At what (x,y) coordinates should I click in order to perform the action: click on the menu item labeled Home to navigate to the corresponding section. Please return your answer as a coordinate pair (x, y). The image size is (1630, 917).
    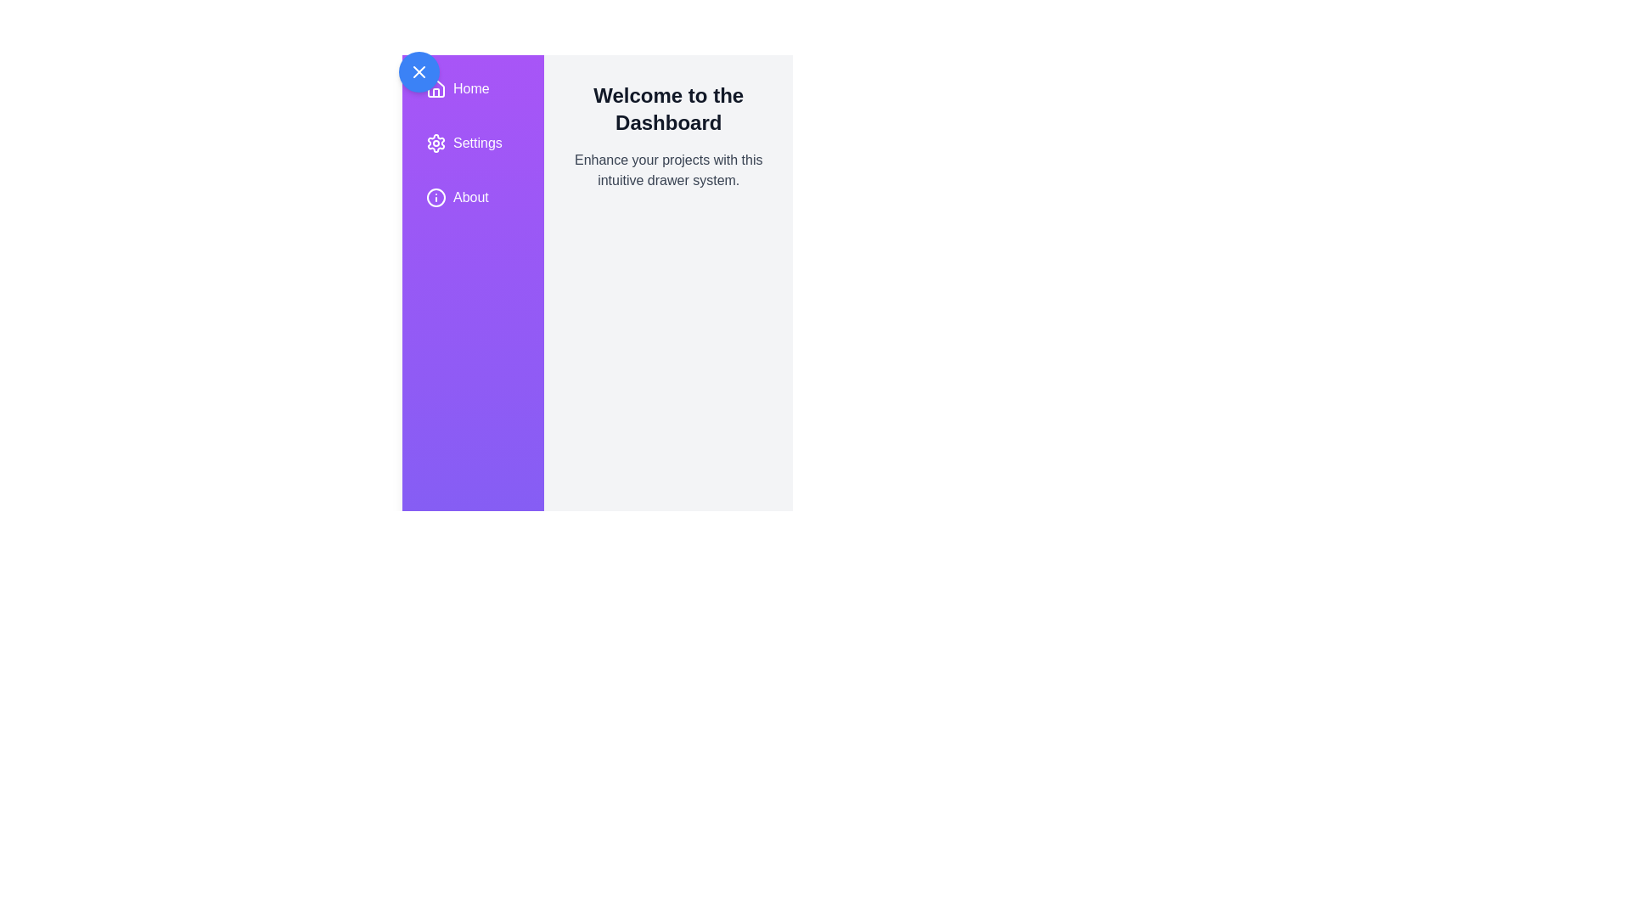
    Looking at the image, I should click on (472, 88).